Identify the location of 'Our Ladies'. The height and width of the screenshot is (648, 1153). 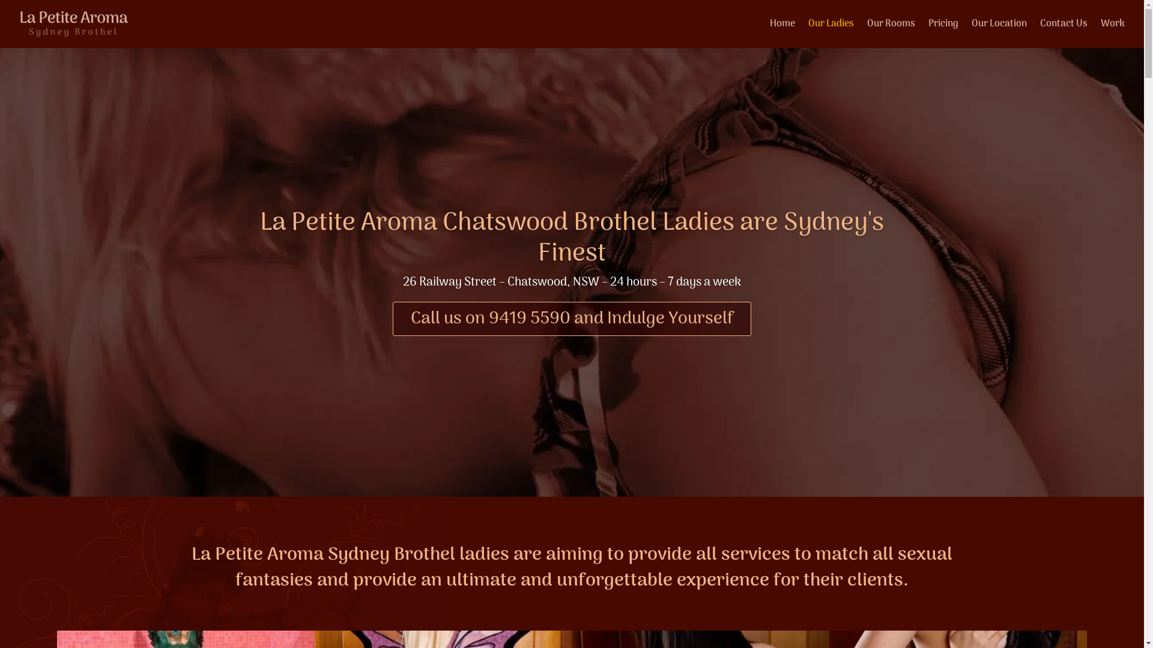
(830, 33).